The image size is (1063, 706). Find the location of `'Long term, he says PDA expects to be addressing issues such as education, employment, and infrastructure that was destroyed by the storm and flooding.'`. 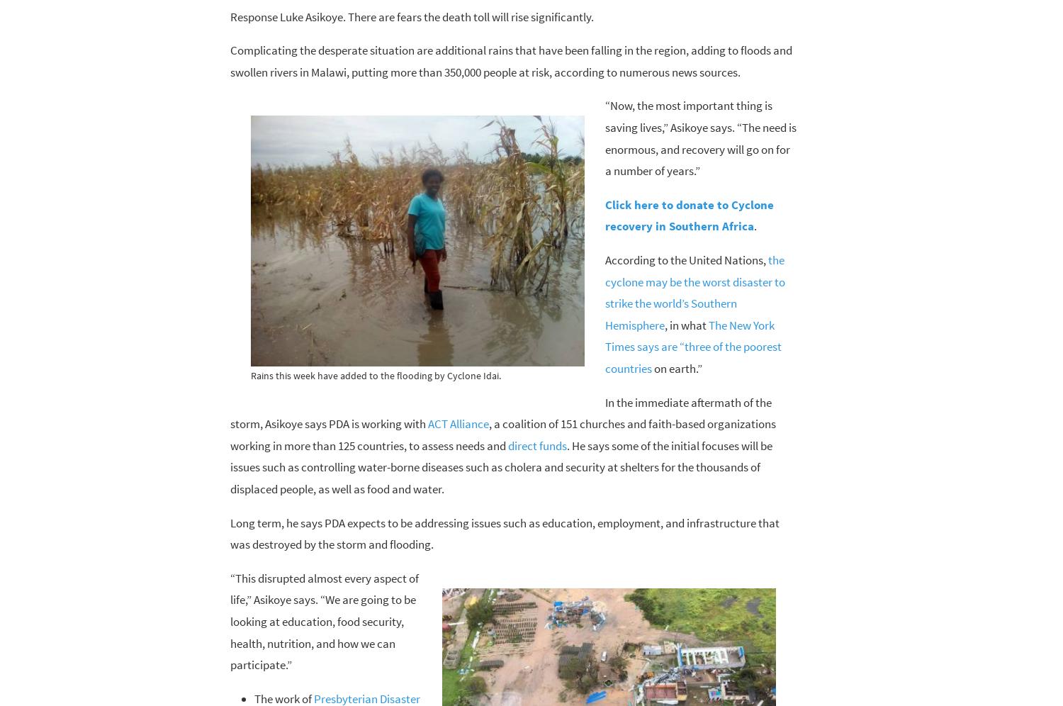

'Long term, he says PDA expects to be addressing issues such as education, employment, and infrastructure that was destroyed by the storm and flooding.' is located at coordinates (504, 533).